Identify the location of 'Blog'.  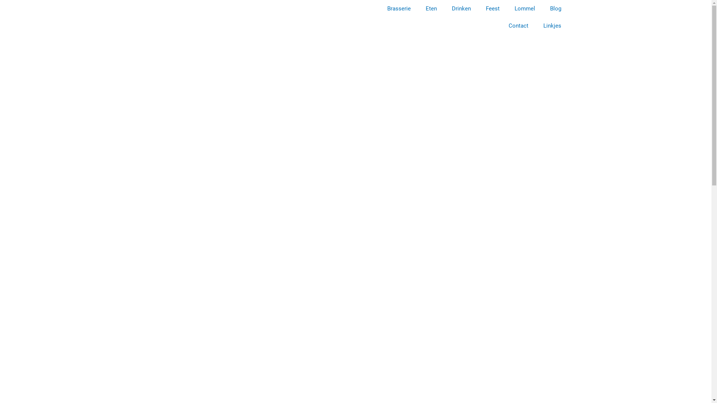
(555, 9).